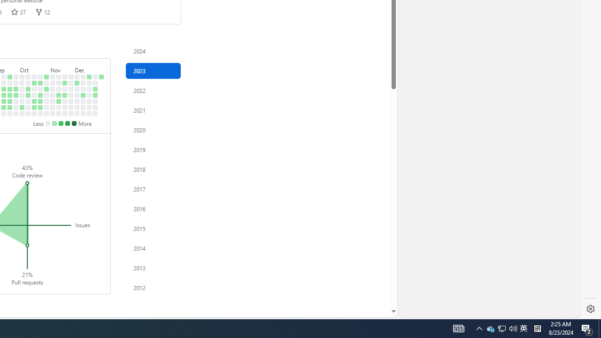 The image size is (601, 338). I want to click on 'No contributions on November 5th.', so click(52, 76).